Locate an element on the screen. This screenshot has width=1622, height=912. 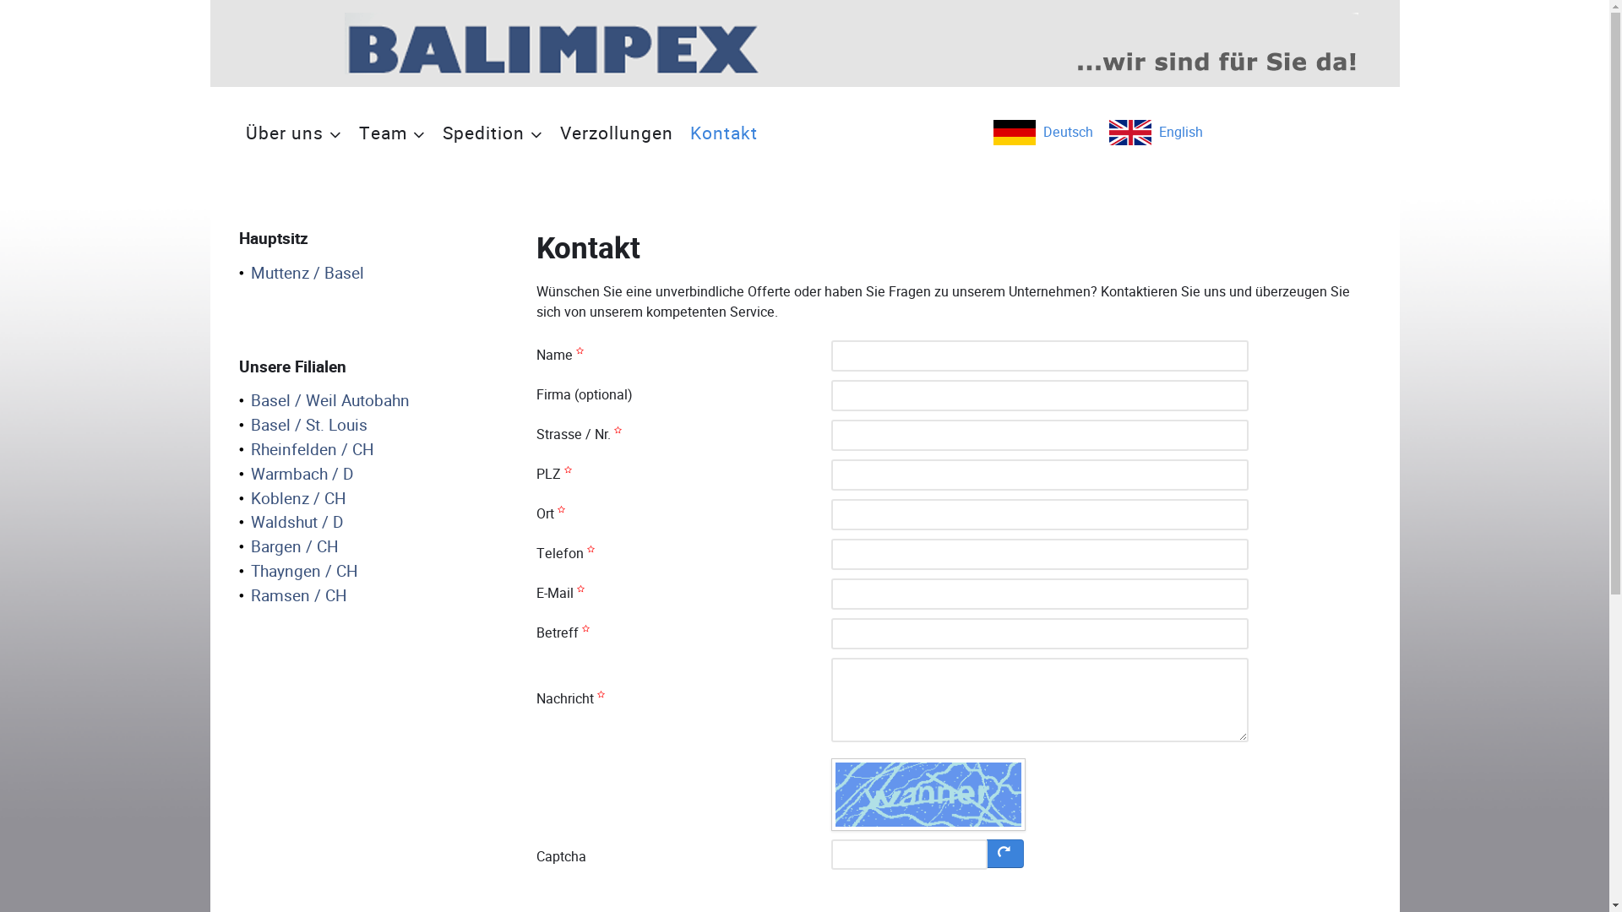
'Bargen / CH' is located at coordinates (288, 547).